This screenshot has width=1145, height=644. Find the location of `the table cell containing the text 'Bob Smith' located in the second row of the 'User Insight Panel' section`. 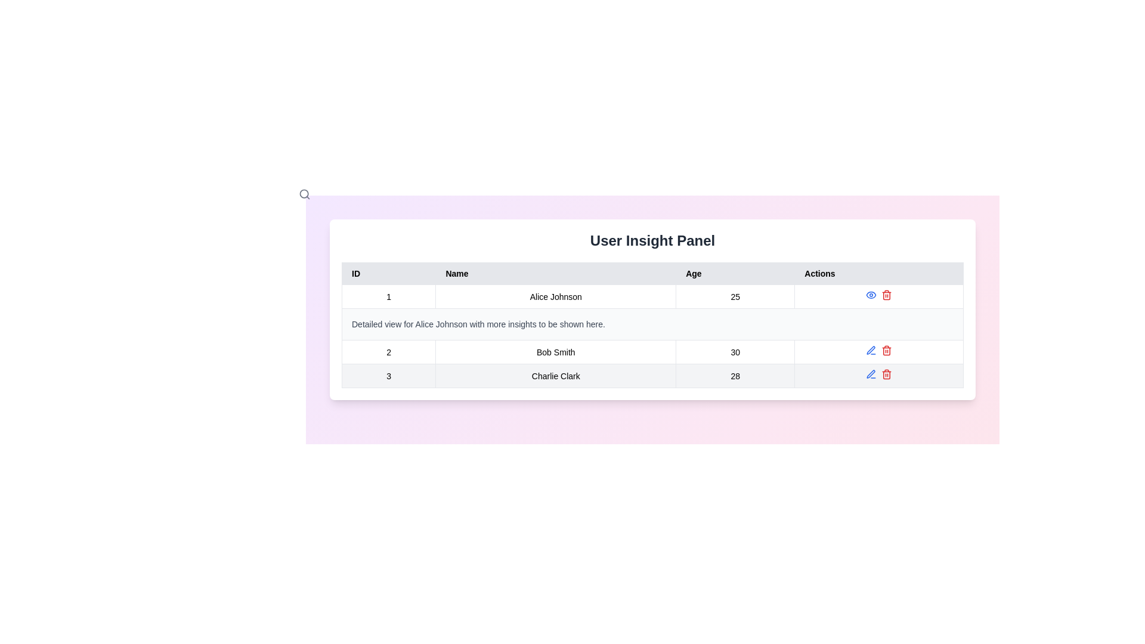

the table cell containing the text 'Bob Smith' located in the second row of the 'User Insight Panel' section is located at coordinates (555, 351).